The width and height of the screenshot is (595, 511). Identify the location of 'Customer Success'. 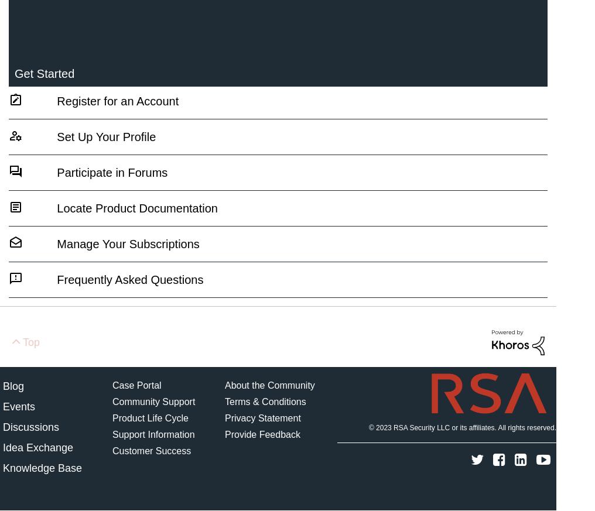
(112, 450).